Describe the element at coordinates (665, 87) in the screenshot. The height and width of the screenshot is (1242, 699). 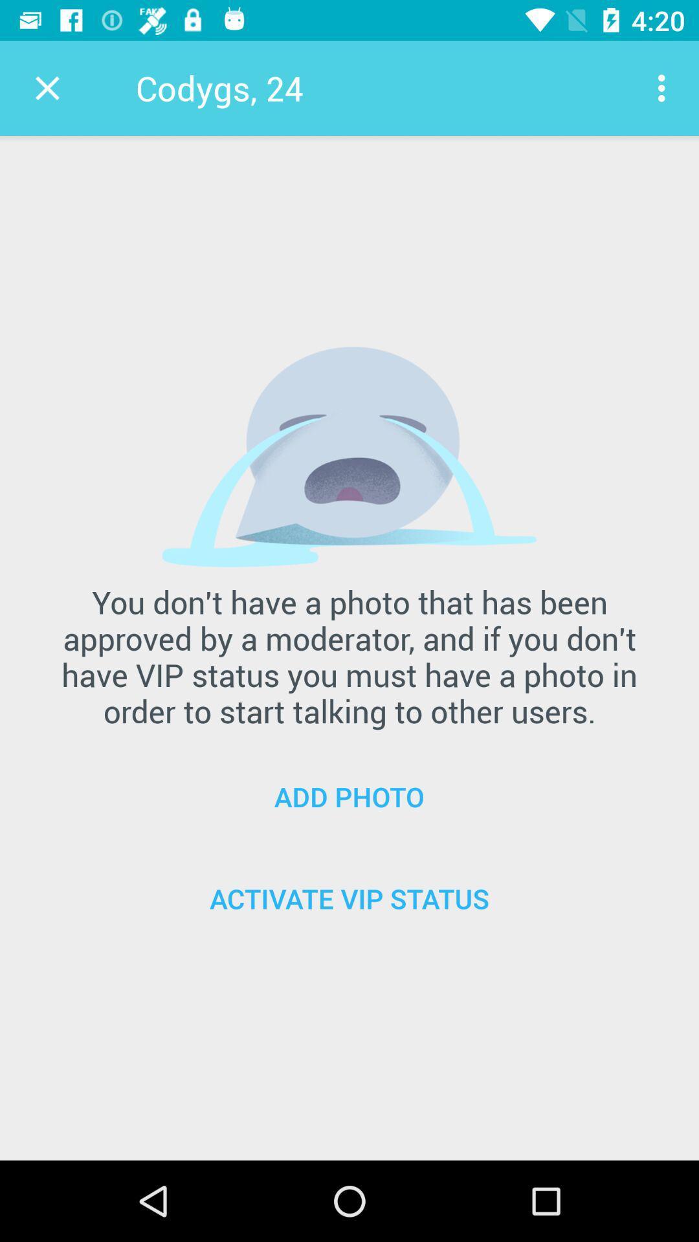
I see `item to the right of the codygs, 24` at that location.